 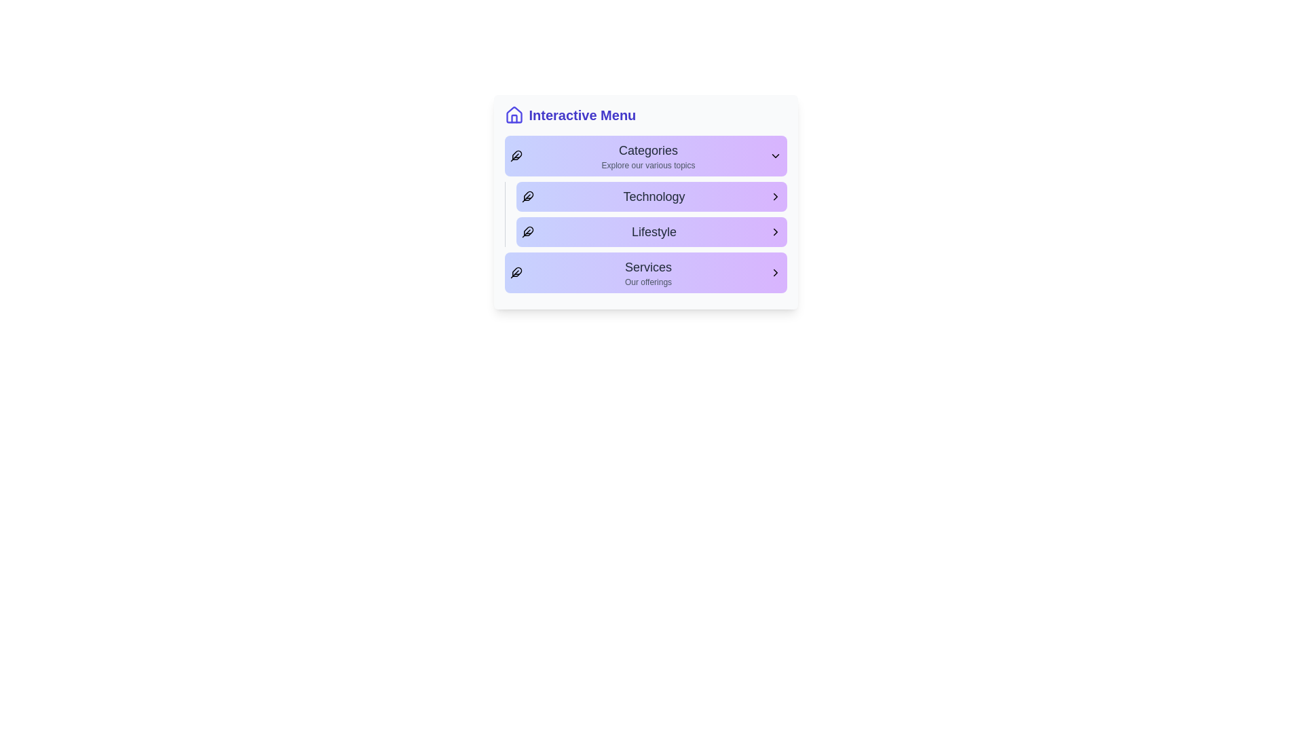 I want to click on the house-shaped icon in the upper-left corner of the interactive menu's header to highlight the menu, so click(x=513, y=114).